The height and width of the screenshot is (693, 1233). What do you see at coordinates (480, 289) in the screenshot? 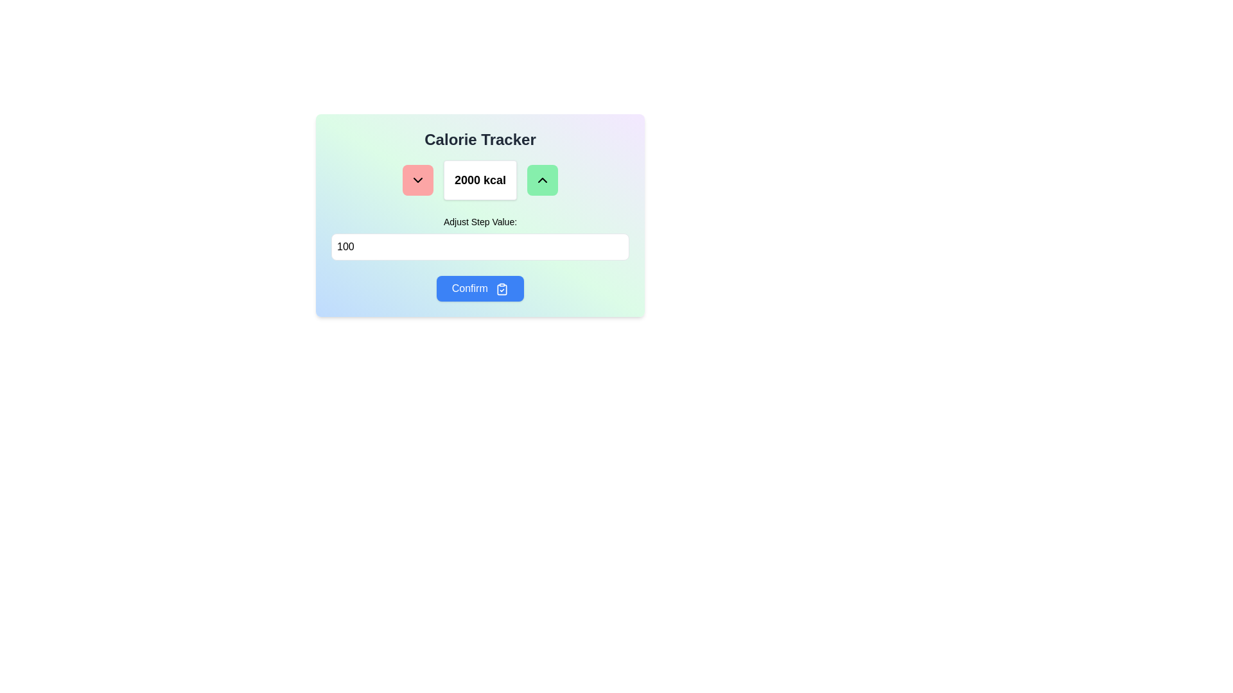
I see `the 'Confirm' button, which is a rectangular button with a bold blue background and white text, to observe hover effects` at bounding box center [480, 289].